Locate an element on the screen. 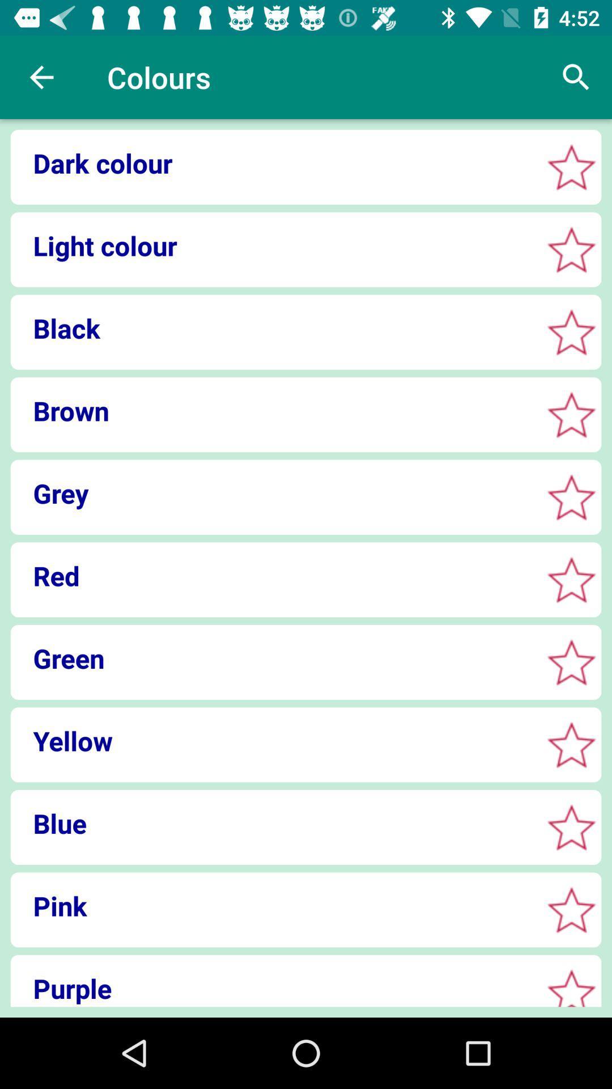 This screenshot has height=1089, width=612. blue is located at coordinates (571, 827).